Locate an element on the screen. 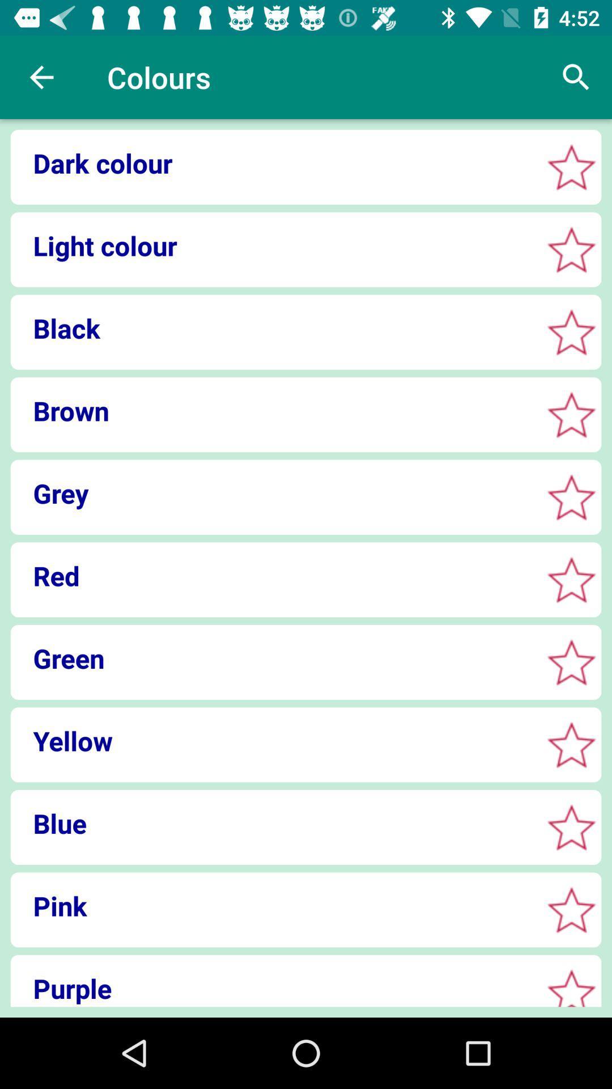 This screenshot has height=1089, width=612. blue is located at coordinates (571, 827).